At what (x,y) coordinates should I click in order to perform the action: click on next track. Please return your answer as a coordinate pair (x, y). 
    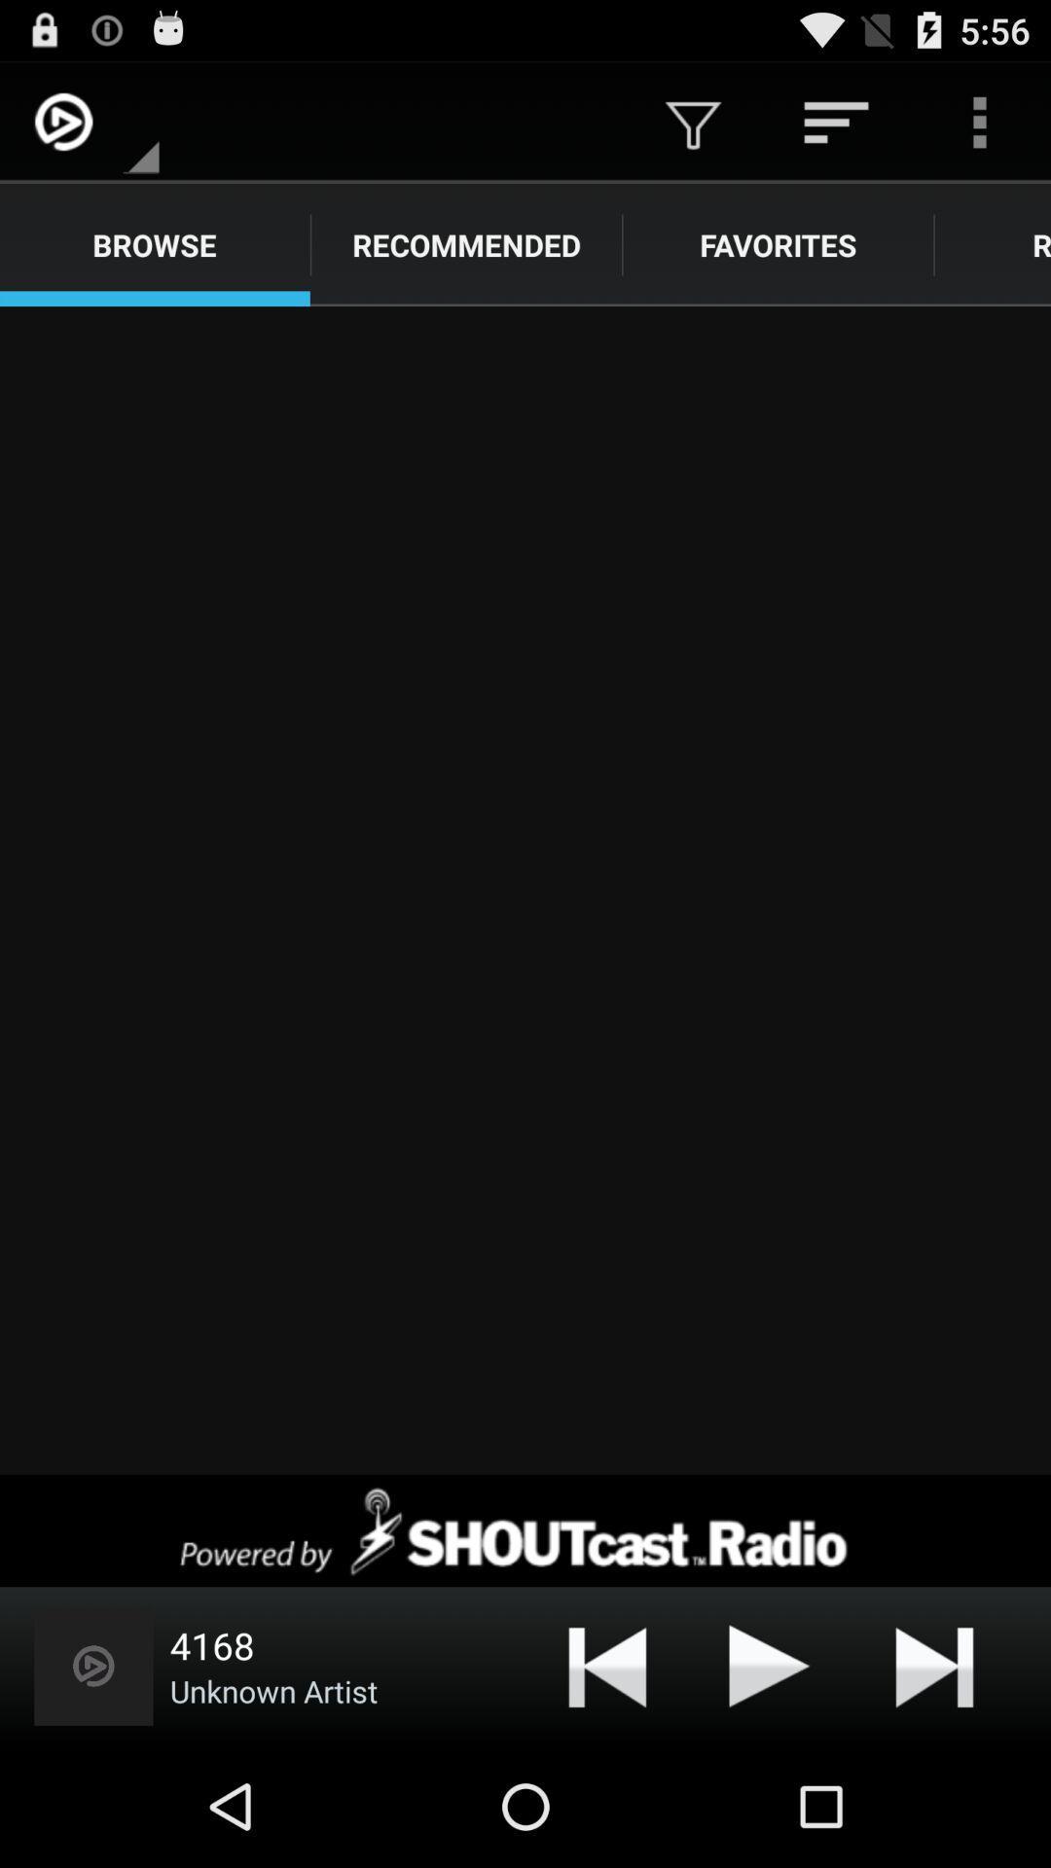
    Looking at the image, I should click on (933, 1665).